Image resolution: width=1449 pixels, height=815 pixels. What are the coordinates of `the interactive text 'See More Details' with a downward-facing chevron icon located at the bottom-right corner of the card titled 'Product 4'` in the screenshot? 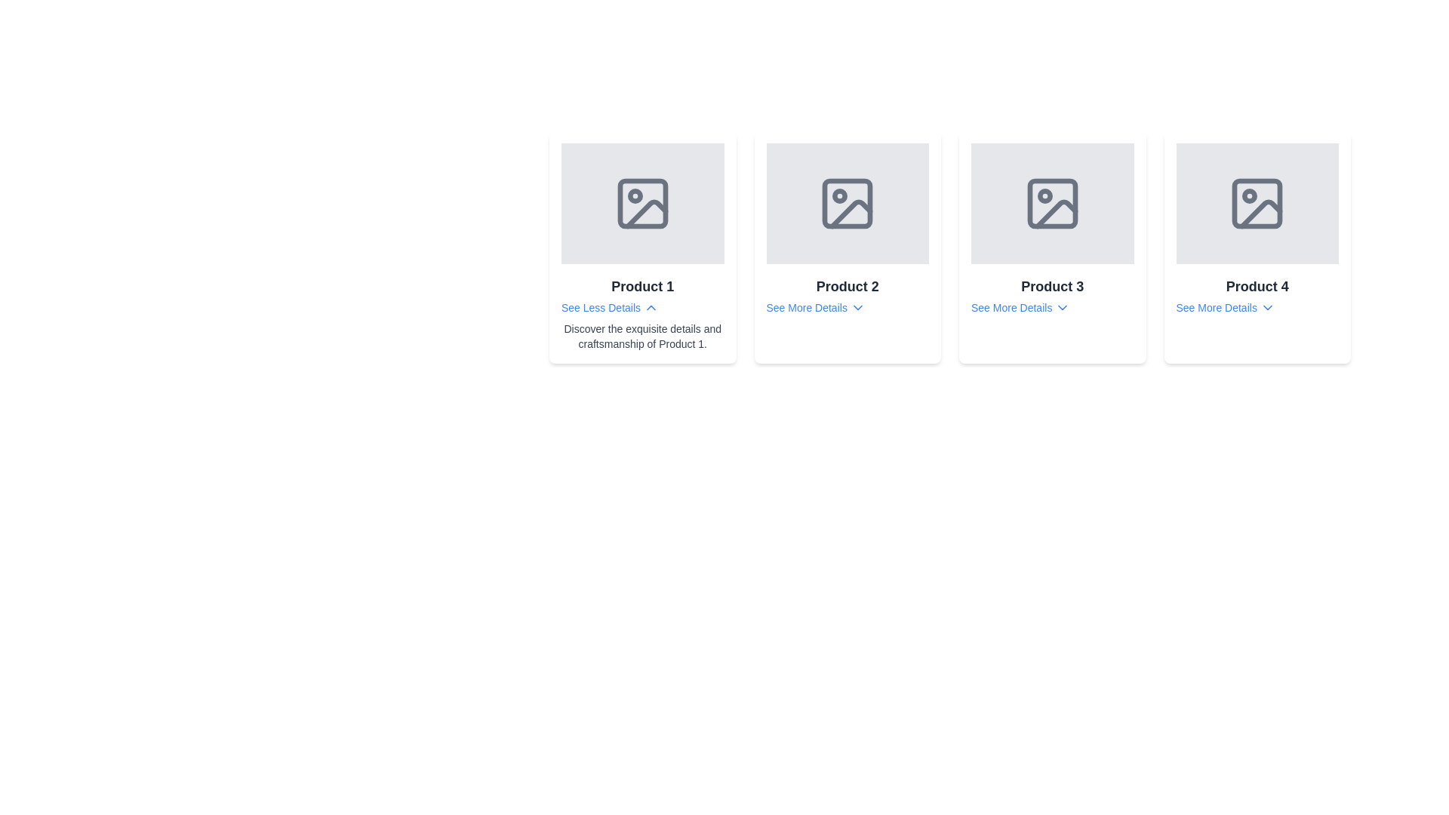 It's located at (1226, 307).